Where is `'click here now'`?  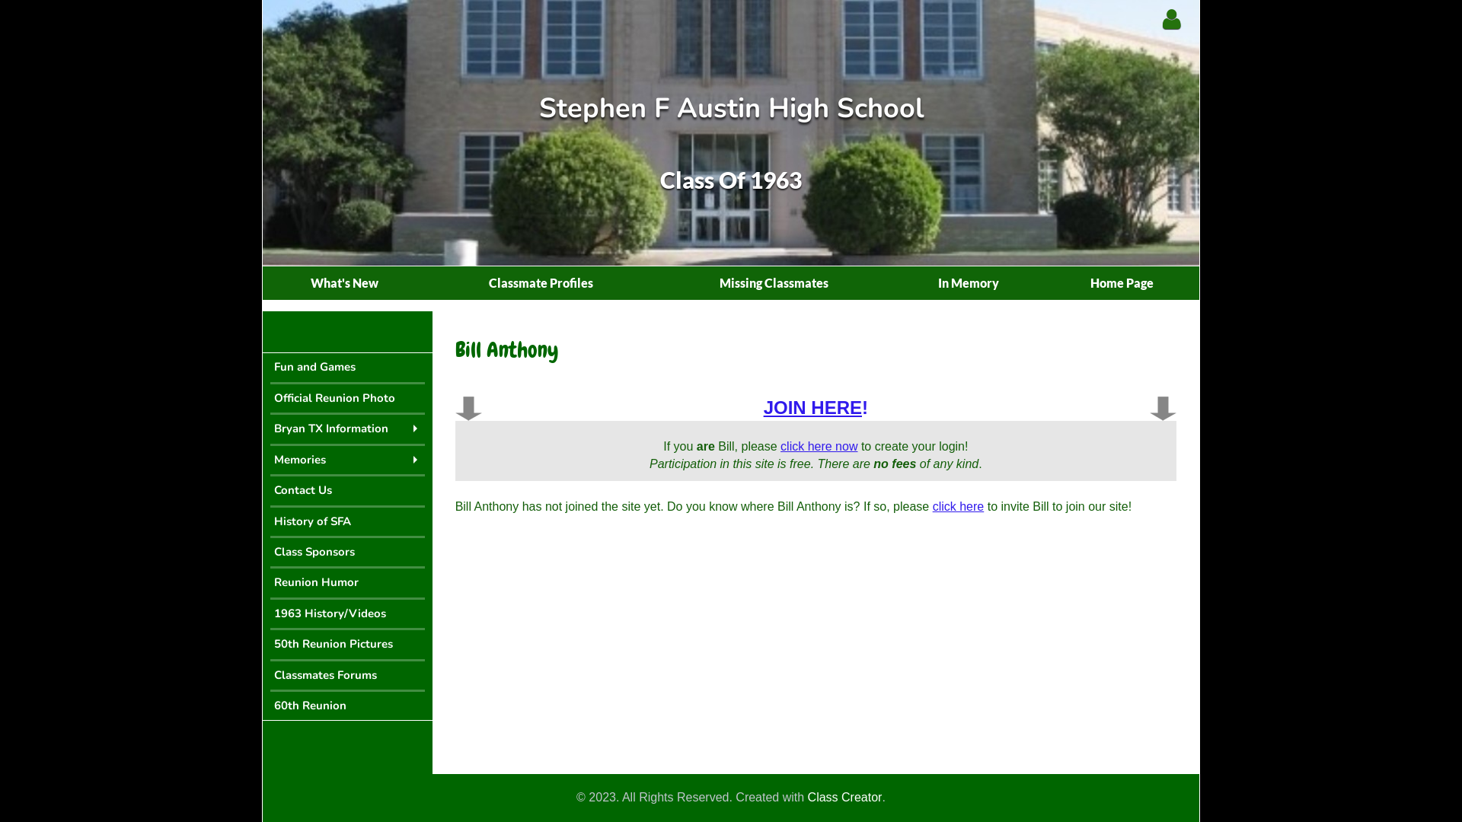
'click here now' is located at coordinates (818, 445).